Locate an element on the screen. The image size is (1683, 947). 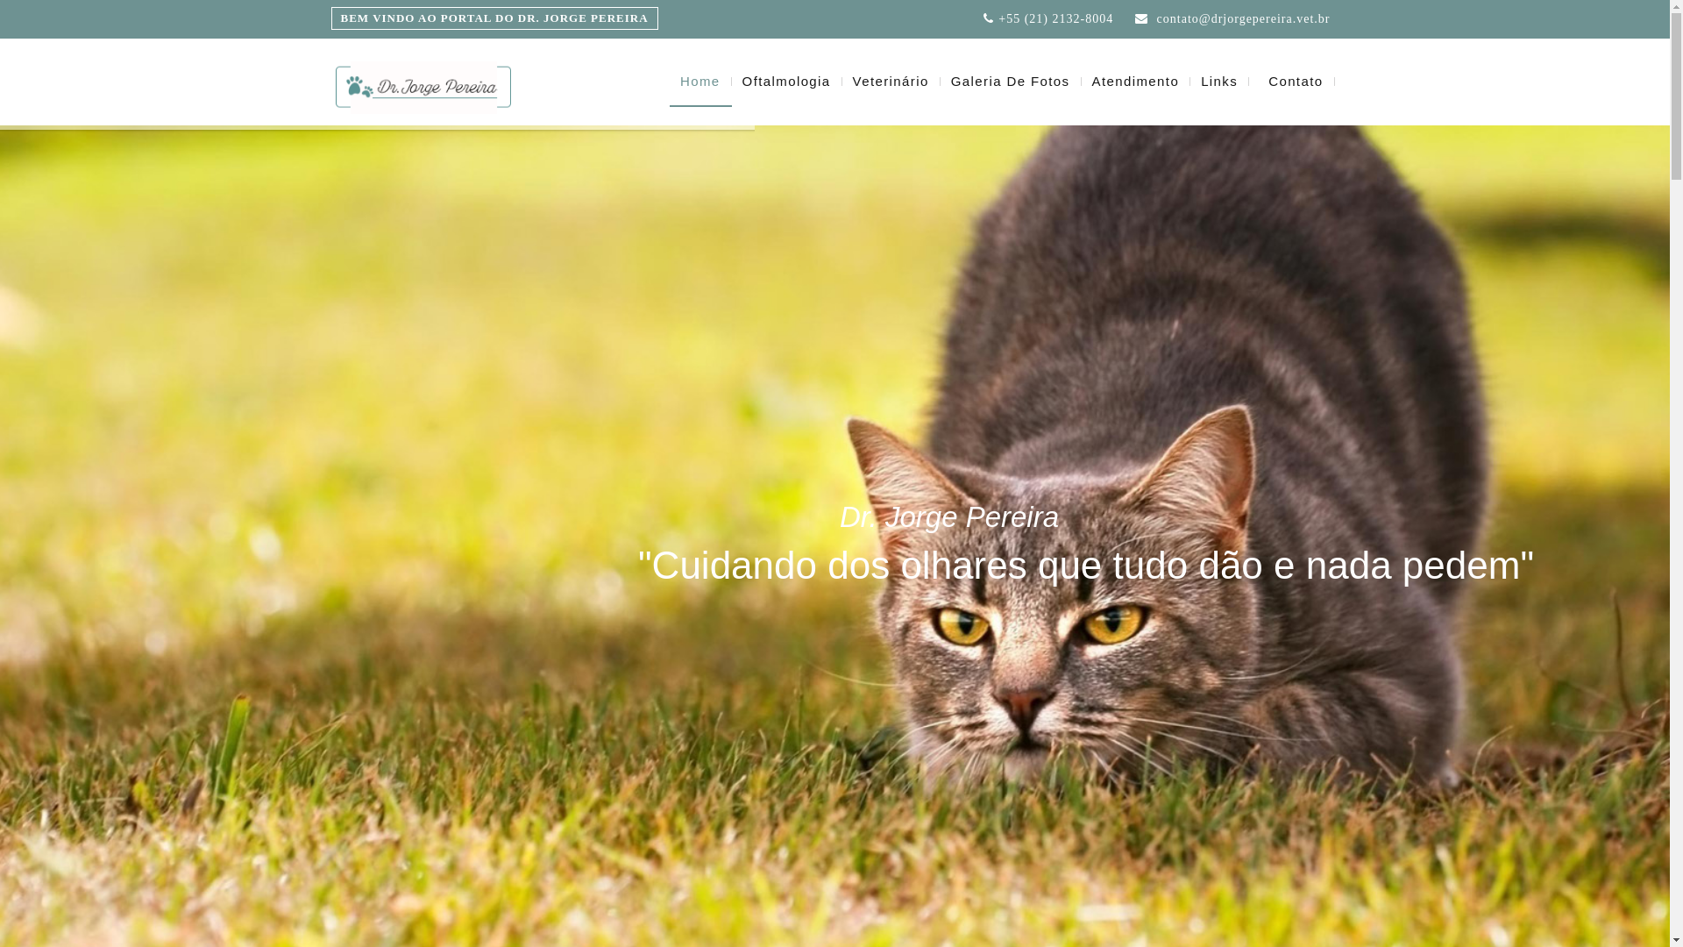
'Links' is located at coordinates (1218, 81).